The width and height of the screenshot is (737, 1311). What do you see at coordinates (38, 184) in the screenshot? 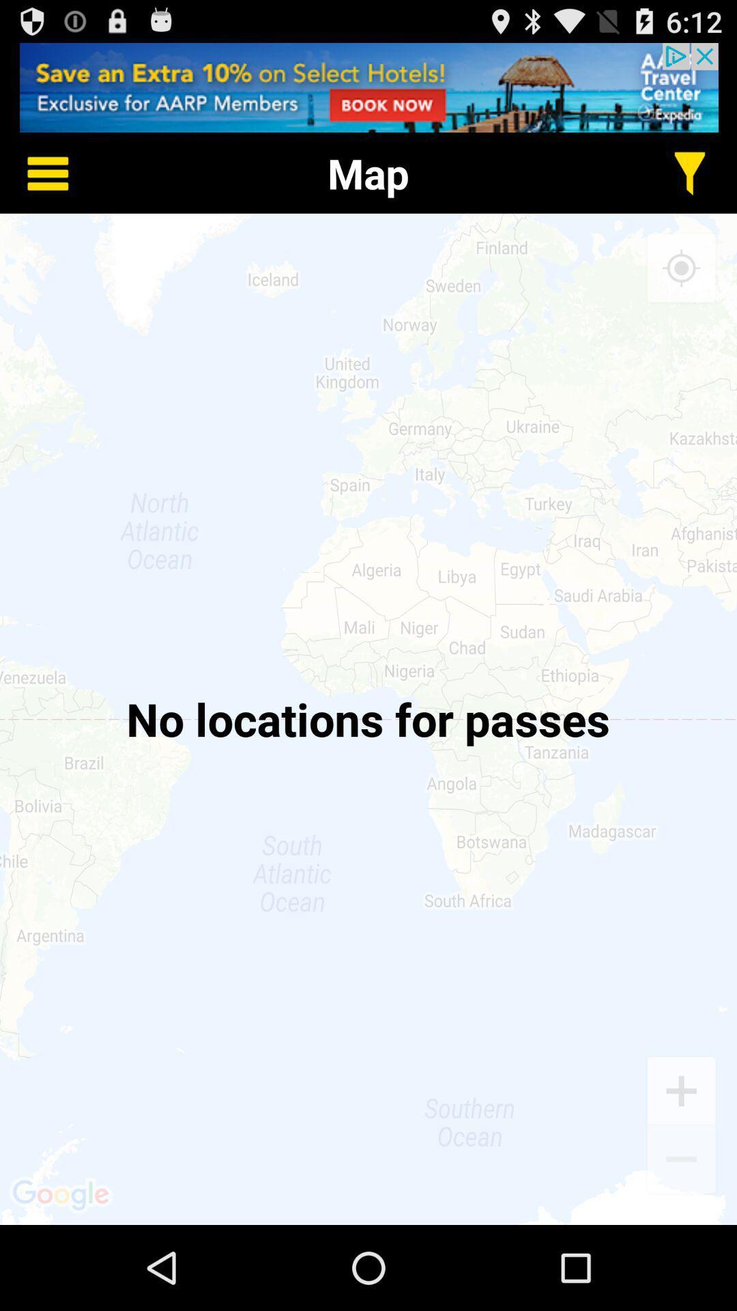
I see `the menu icon` at bounding box center [38, 184].